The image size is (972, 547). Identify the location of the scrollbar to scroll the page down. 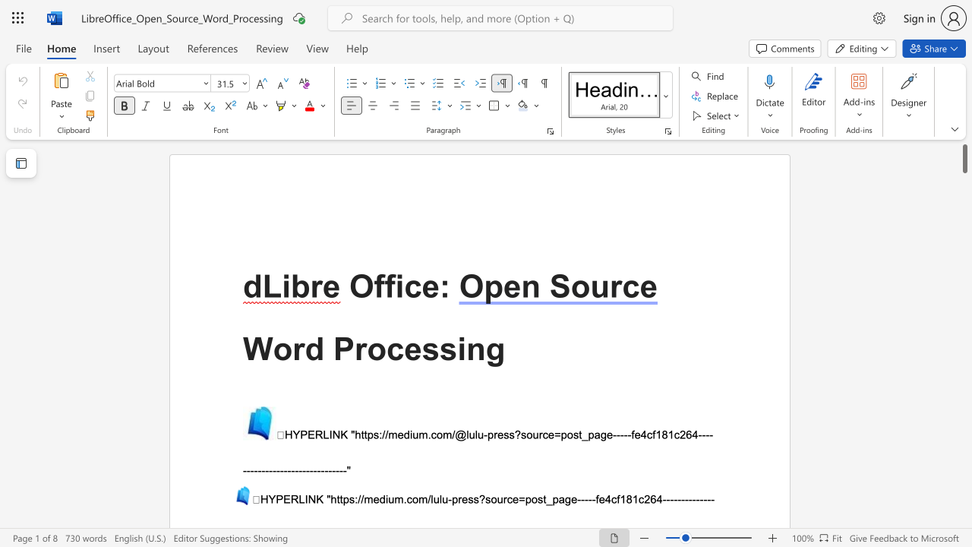
(964, 228).